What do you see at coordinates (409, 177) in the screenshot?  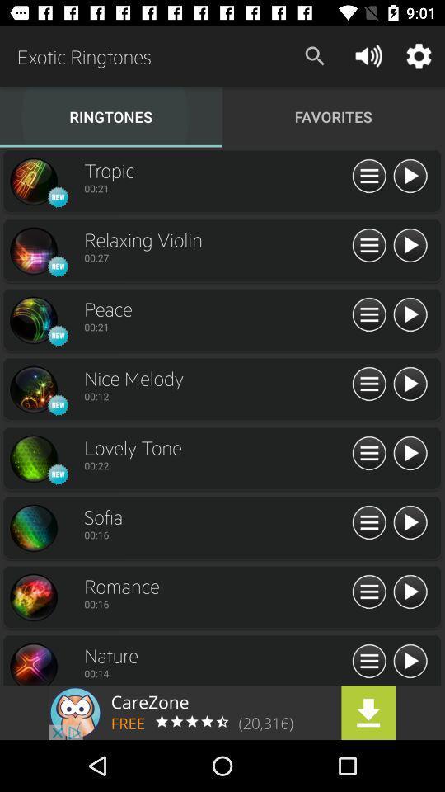 I see `tropic` at bounding box center [409, 177].